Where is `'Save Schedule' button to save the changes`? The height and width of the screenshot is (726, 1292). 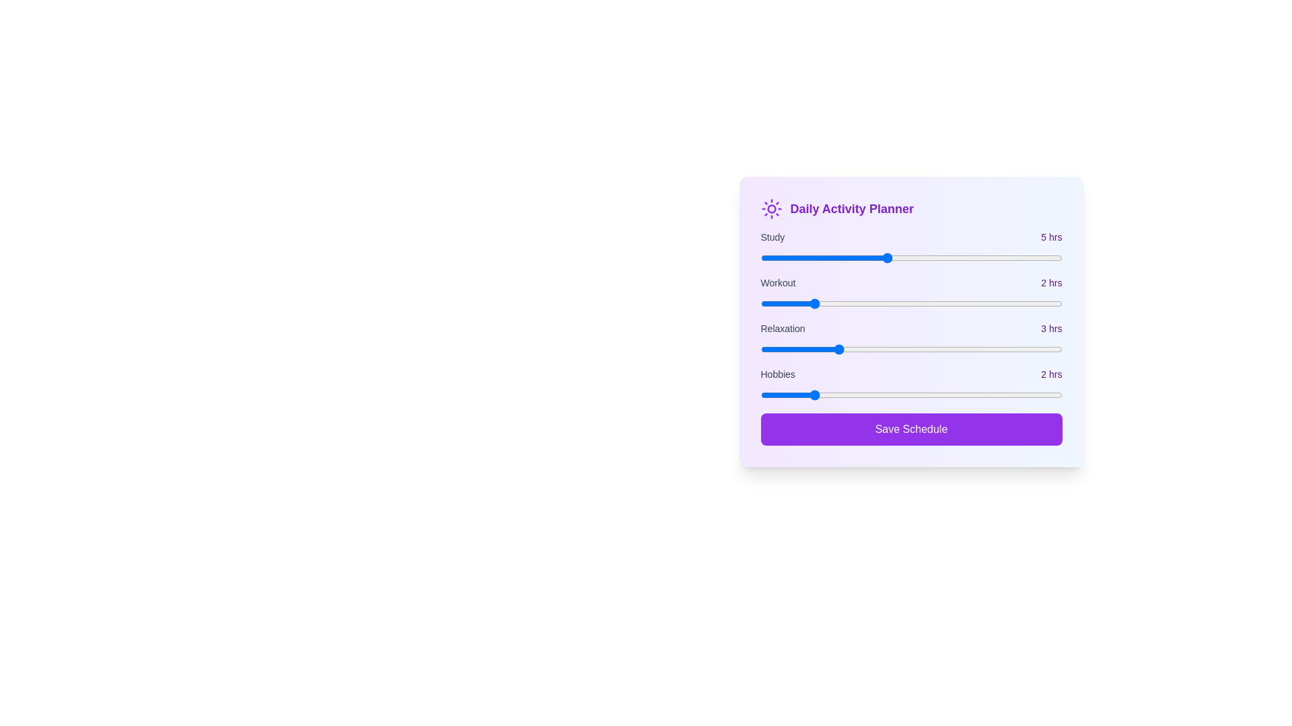
'Save Schedule' button to save the changes is located at coordinates (911, 430).